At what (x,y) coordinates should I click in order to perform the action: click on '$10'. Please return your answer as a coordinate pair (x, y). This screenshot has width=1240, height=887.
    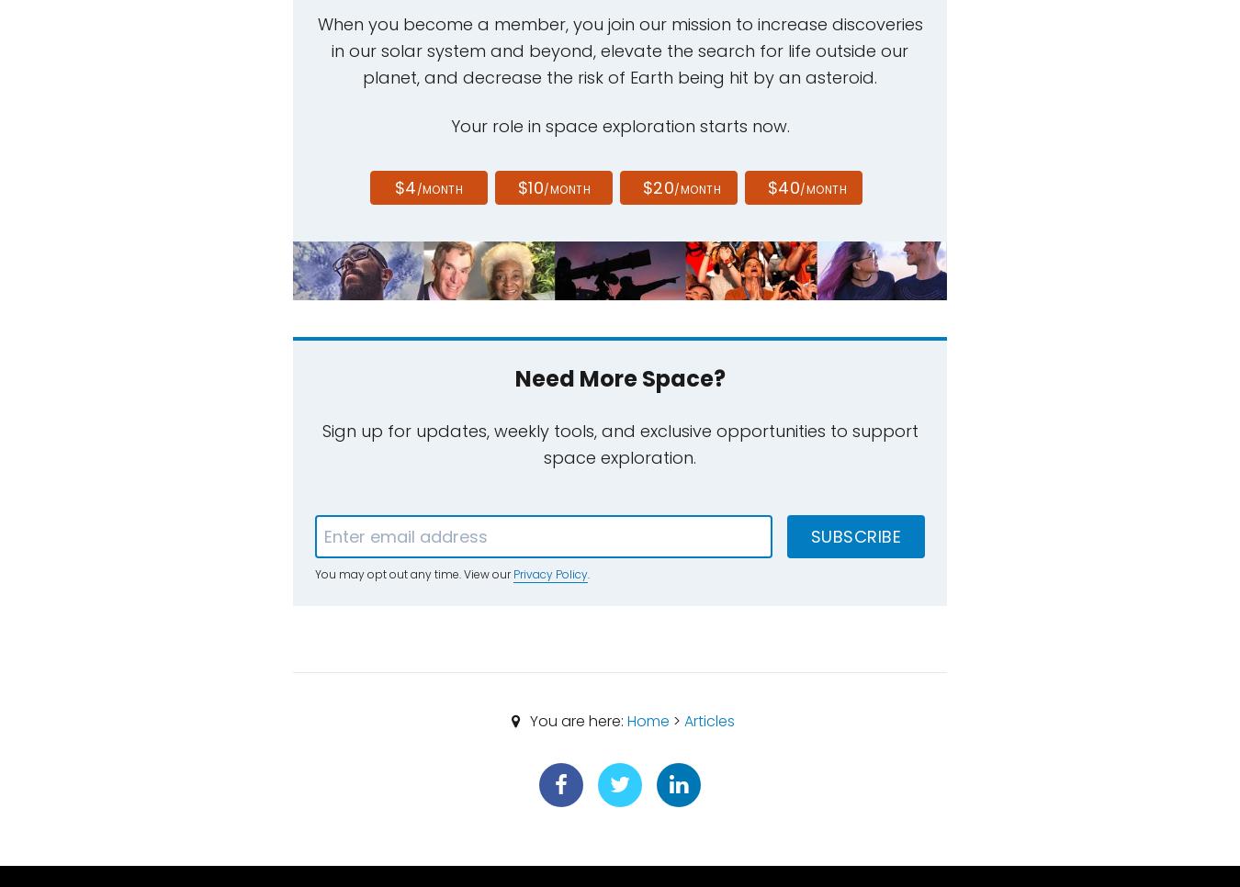
    Looking at the image, I should click on (530, 186).